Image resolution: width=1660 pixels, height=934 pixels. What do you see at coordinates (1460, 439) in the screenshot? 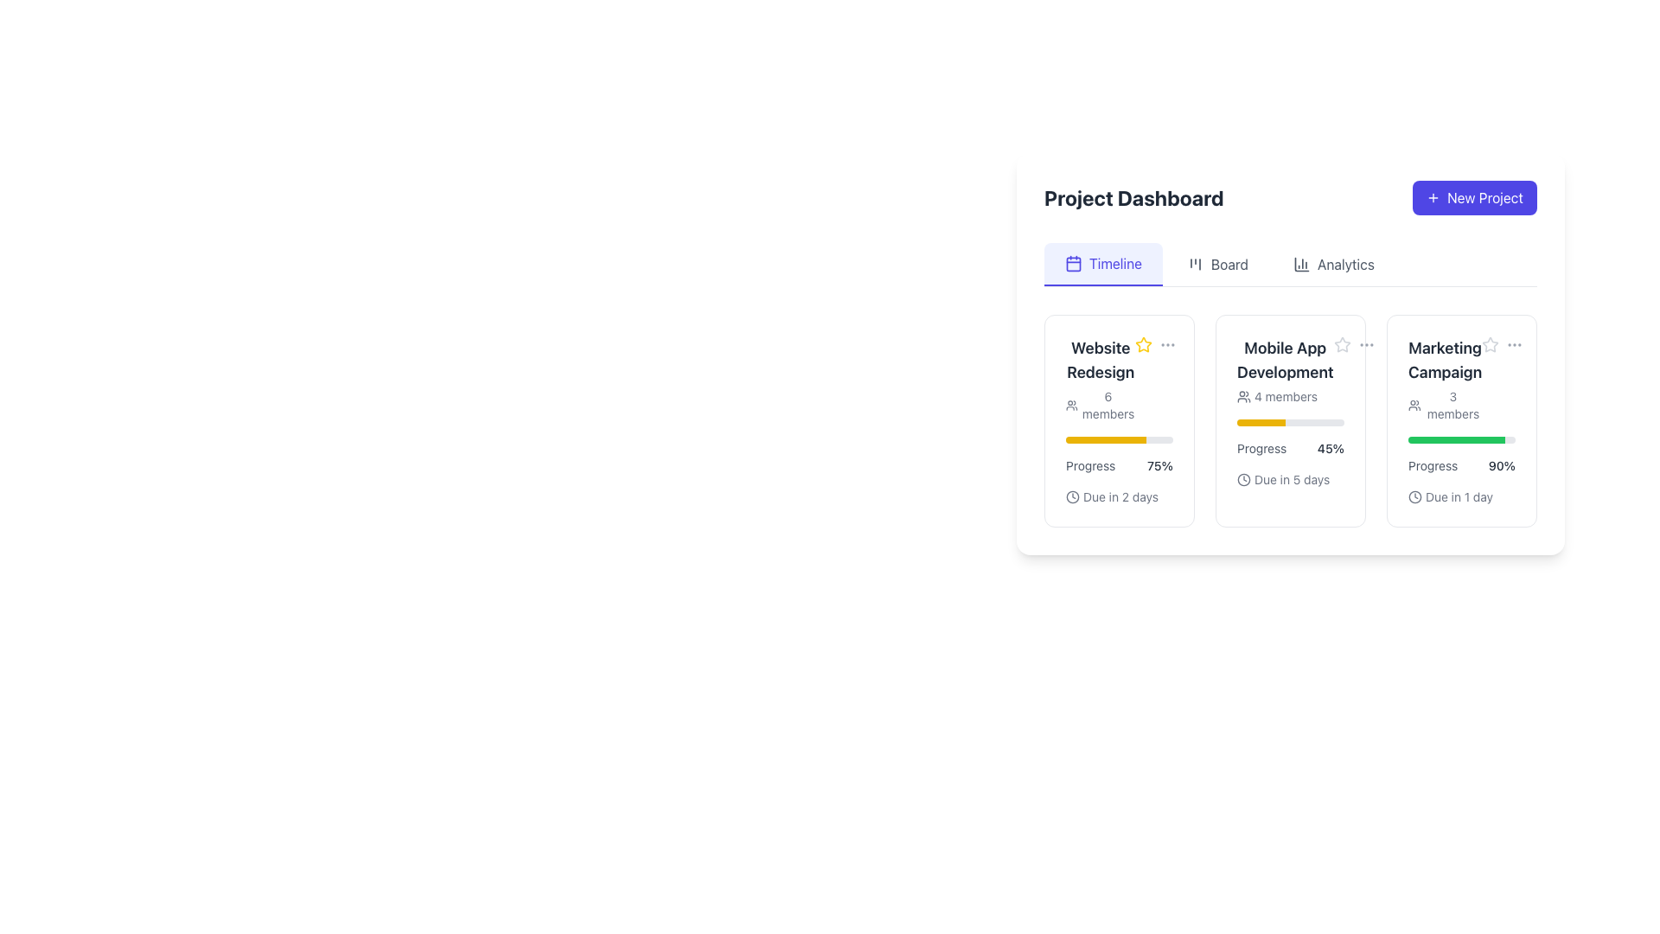
I see `the progress bar representing the completion status of the 'Marketing Campaign' project, which shows 90% completion and is located in the bottom section of the 'Marketing Campaign' panel` at bounding box center [1460, 439].